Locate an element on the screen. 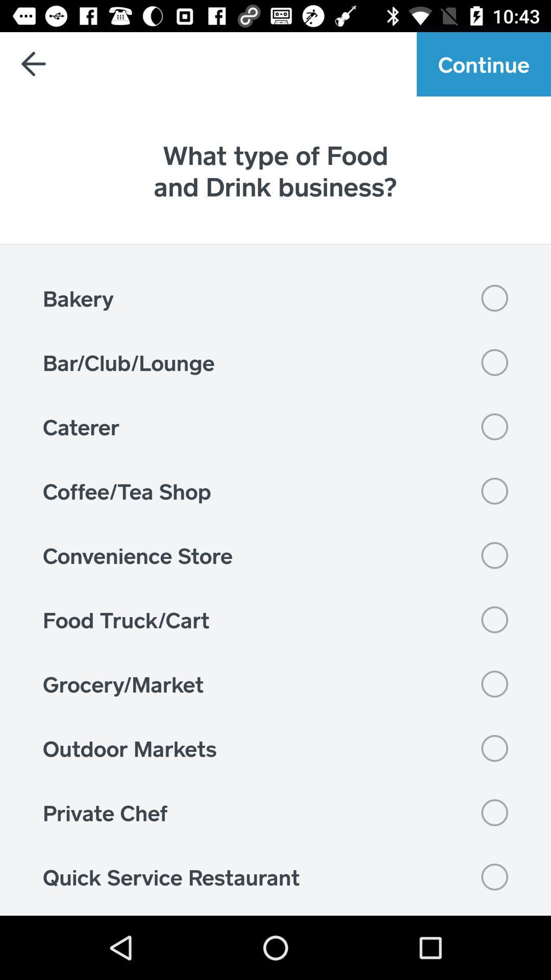 The width and height of the screenshot is (551, 980). the item above caterer item is located at coordinates (275, 362).